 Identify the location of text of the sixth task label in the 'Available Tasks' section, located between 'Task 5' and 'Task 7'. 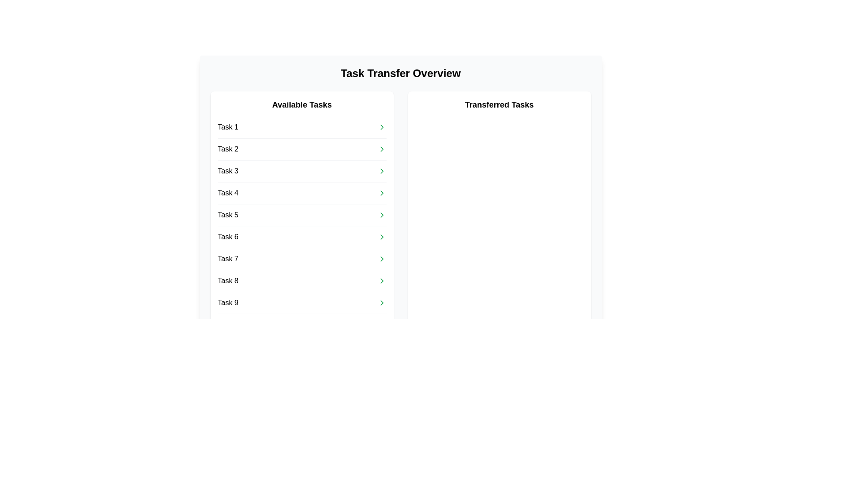
(228, 236).